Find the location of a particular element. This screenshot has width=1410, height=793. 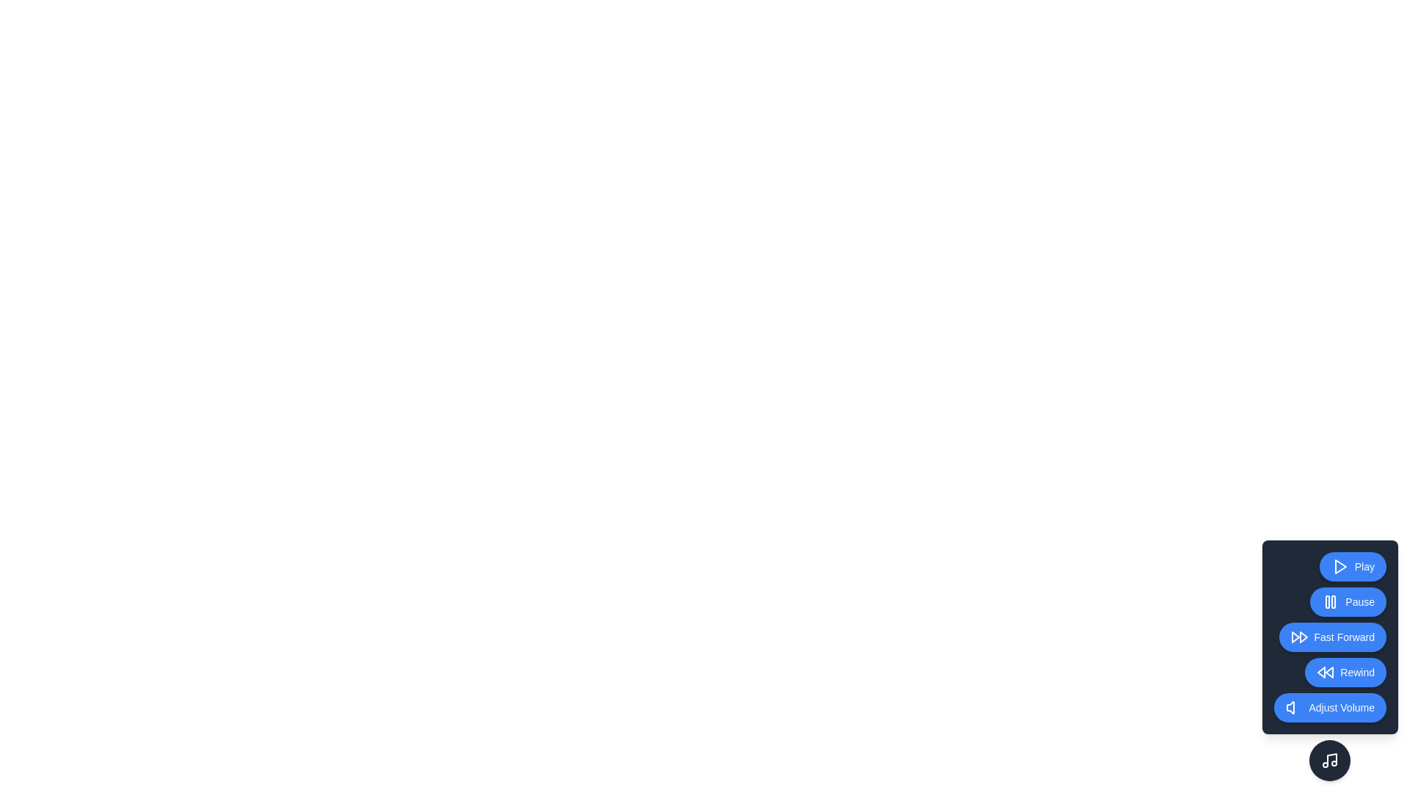

the Rewind button to activate the corresponding playback control is located at coordinates (1345, 672).